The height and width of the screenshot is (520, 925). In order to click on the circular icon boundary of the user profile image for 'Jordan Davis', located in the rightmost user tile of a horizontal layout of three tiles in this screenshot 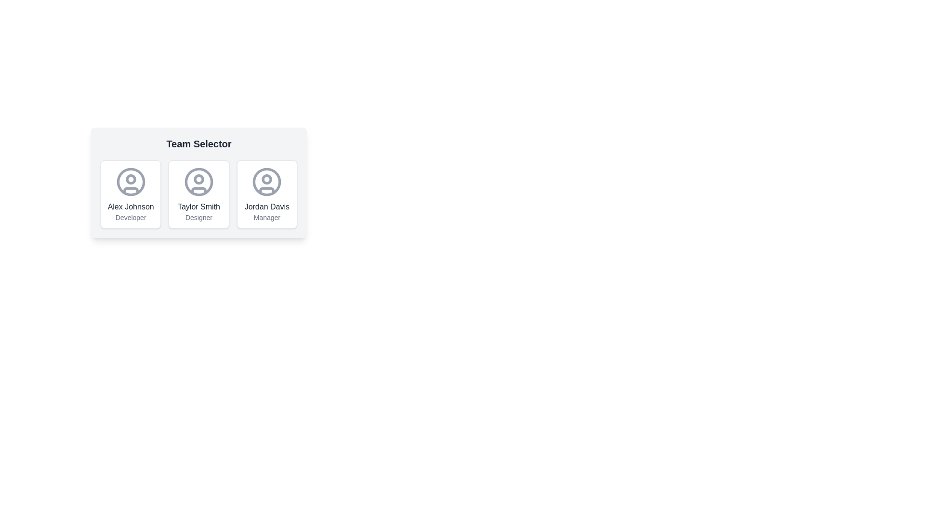, I will do `click(267, 182)`.